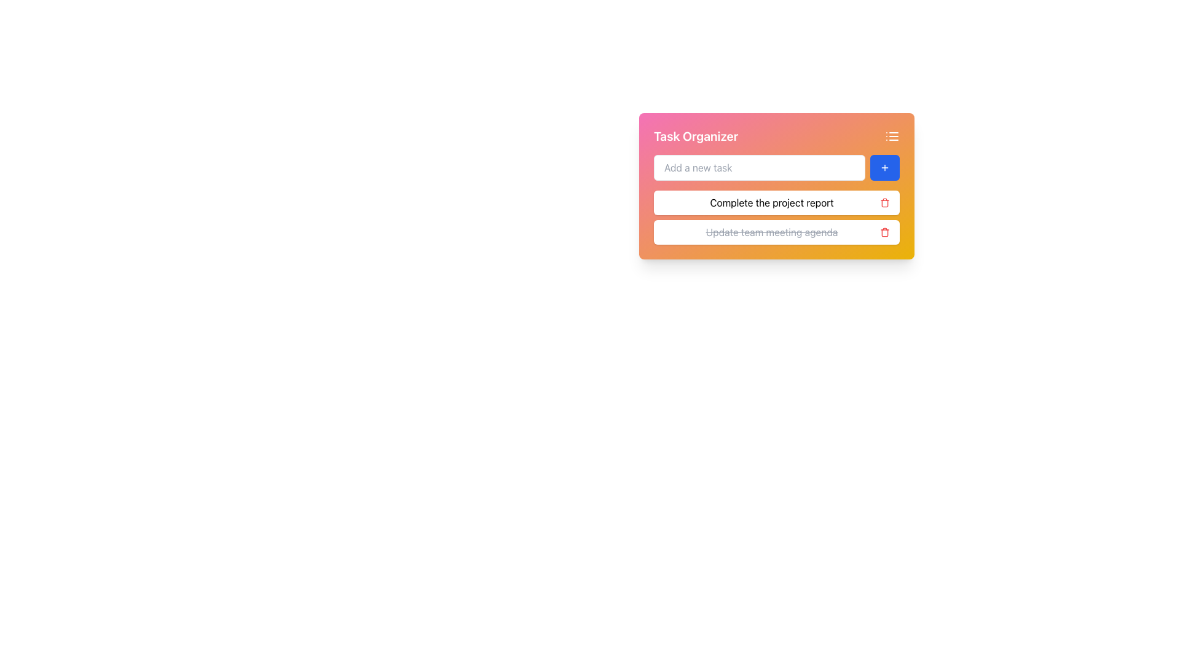 Image resolution: width=1180 pixels, height=664 pixels. Describe the element at coordinates (771, 202) in the screenshot. I see `the Text Label that displays the task name, which is centrally located within a card component, positioned above the task labeled 'Update team meeting agenda'` at that location.